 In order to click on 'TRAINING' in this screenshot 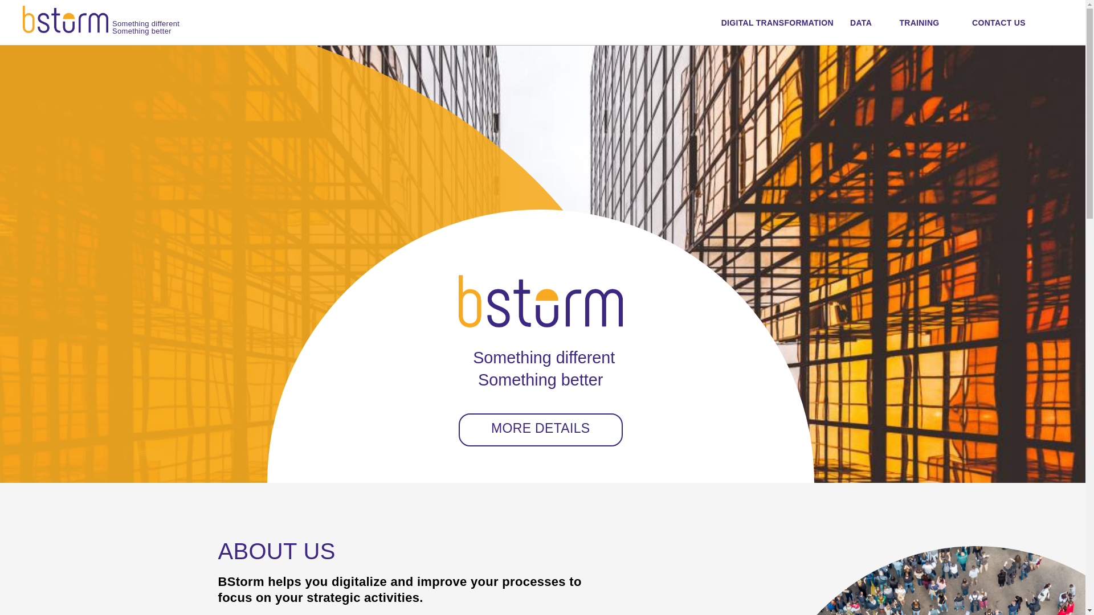, I will do `click(913, 22)`.